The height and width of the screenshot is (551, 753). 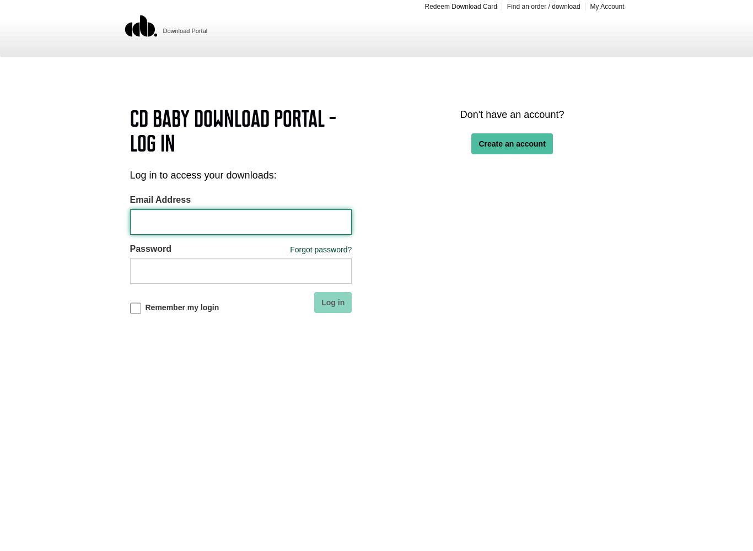 What do you see at coordinates (185, 31) in the screenshot?
I see `'Download Portal'` at bounding box center [185, 31].